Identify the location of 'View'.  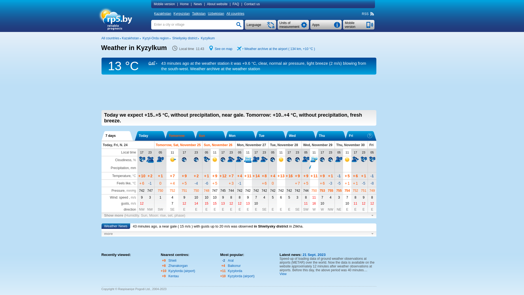
(279, 274).